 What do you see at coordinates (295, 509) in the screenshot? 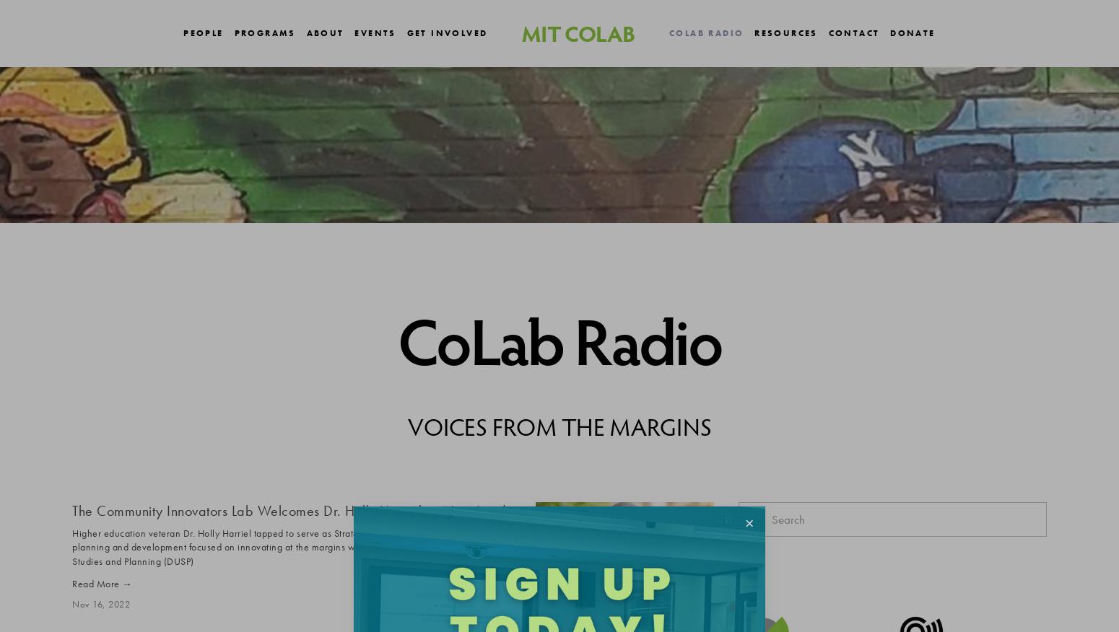
I see `'The Community Innovators Lab Welcomes Dr. Holly Harriel as New Leader'` at bounding box center [295, 509].